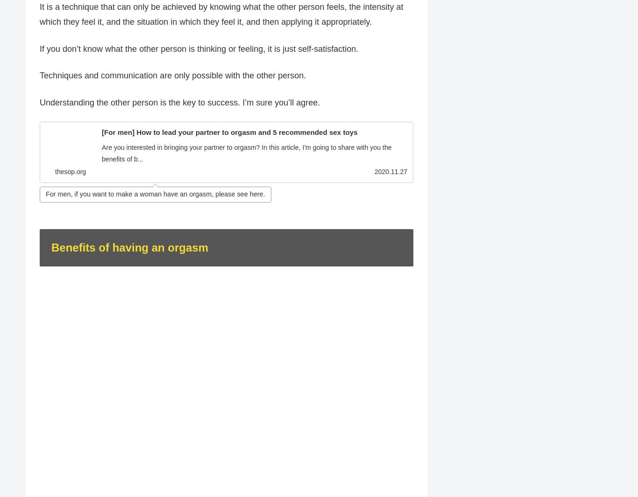  Describe the element at coordinates (229, 132) in the screenshot. I see `'[For men] How to lead your partner to orgasm and 5 recommended sex toys'` at that location.